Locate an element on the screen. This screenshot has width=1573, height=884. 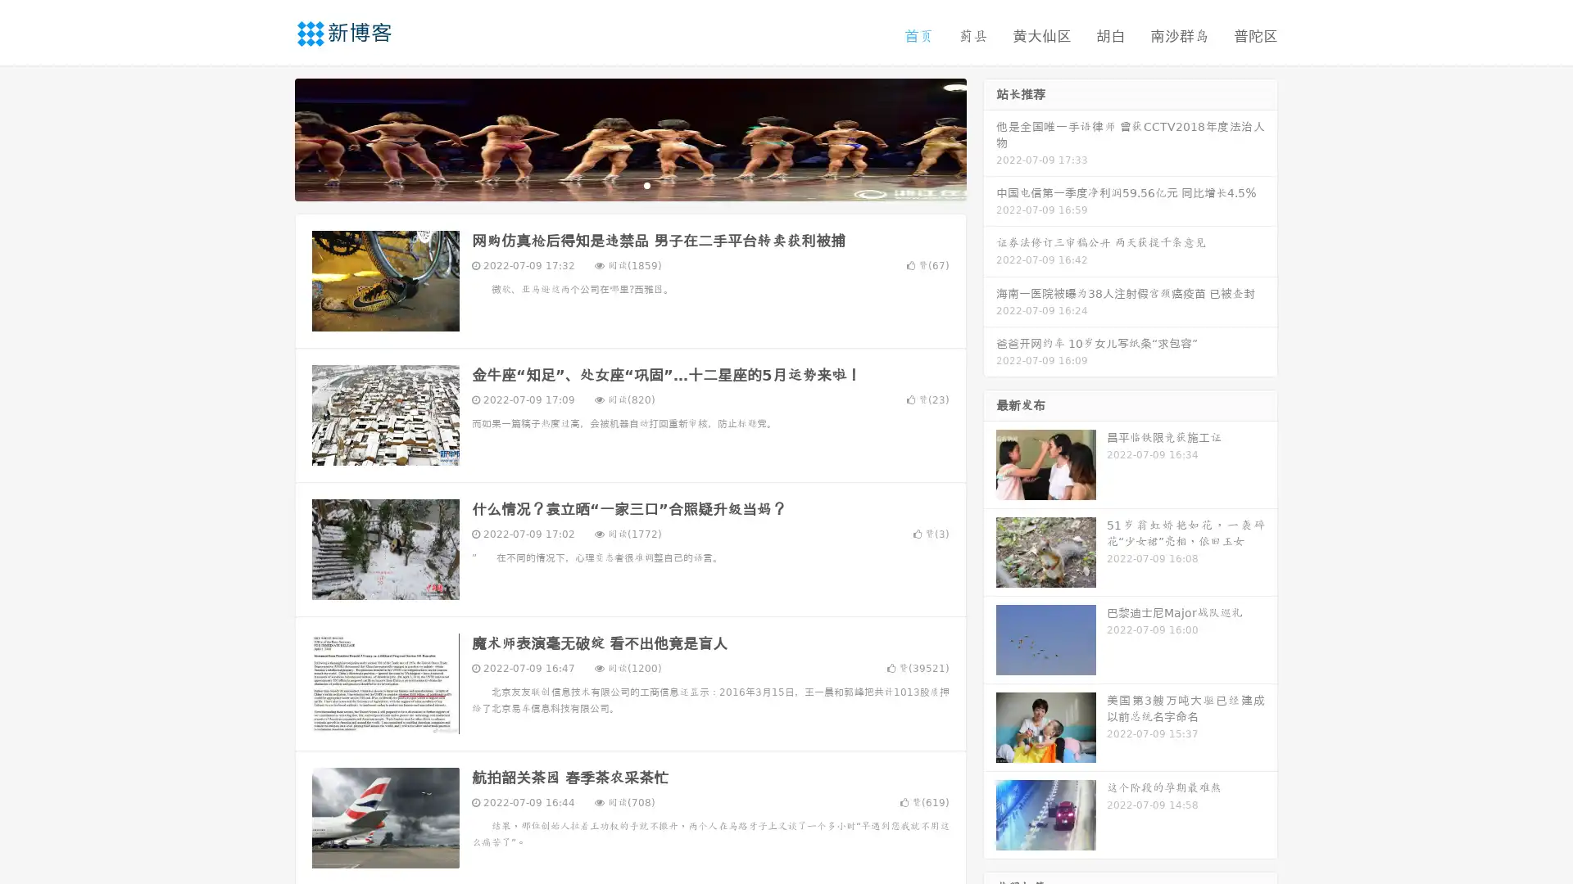
Go to slide 3 is located at coordinates (646, 184).